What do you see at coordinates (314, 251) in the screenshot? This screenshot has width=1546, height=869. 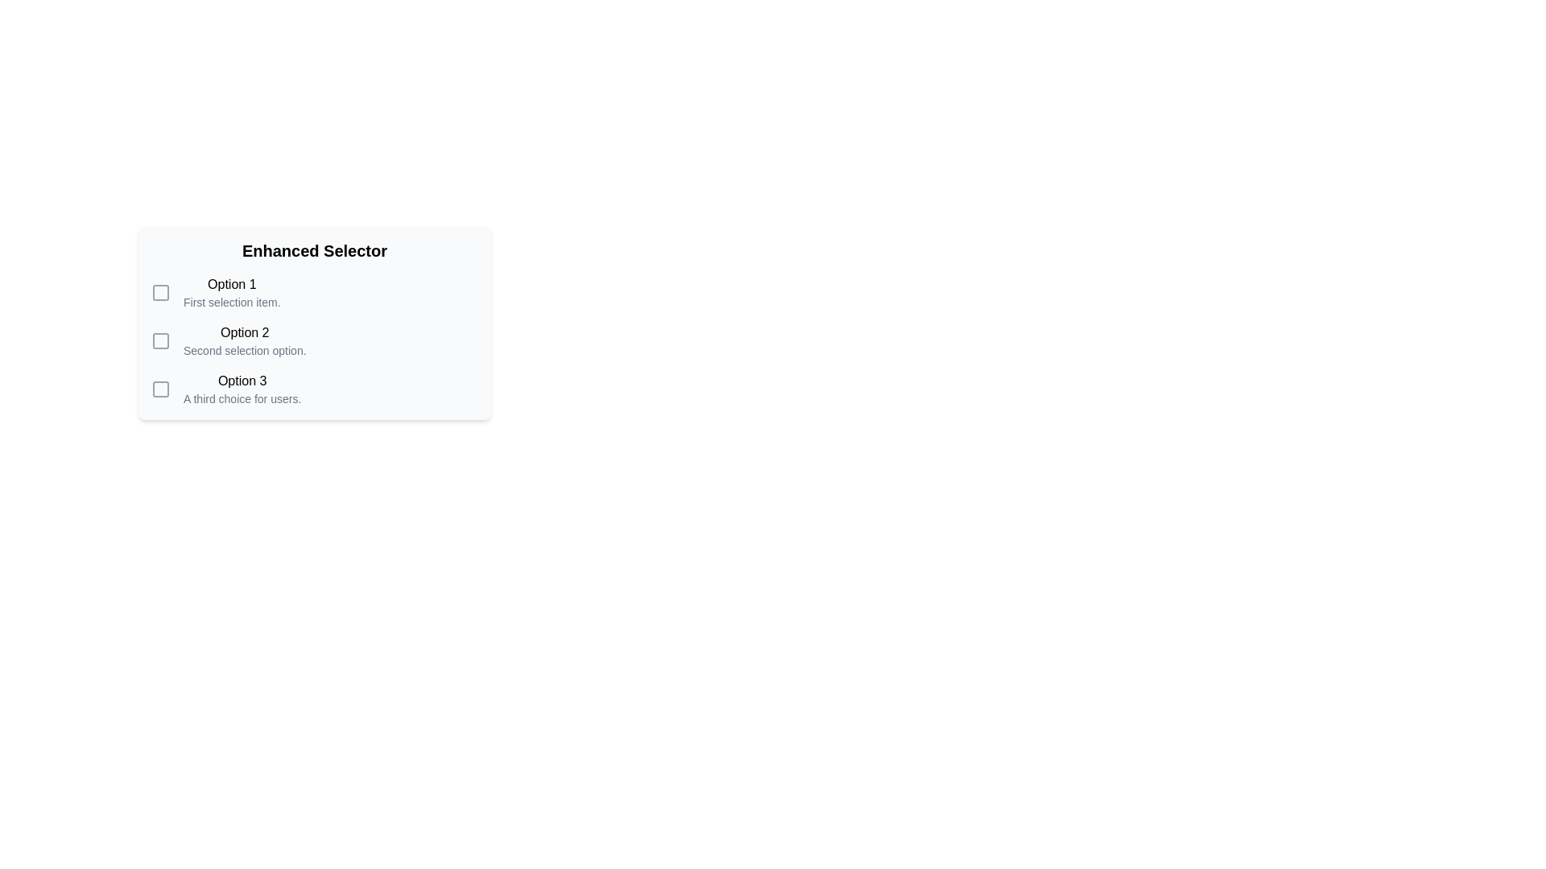 I see `bold header text labeled 'Enhanced Selector' located at the top of the light gray rounded rectangular box` at bounding box center [314, 251].